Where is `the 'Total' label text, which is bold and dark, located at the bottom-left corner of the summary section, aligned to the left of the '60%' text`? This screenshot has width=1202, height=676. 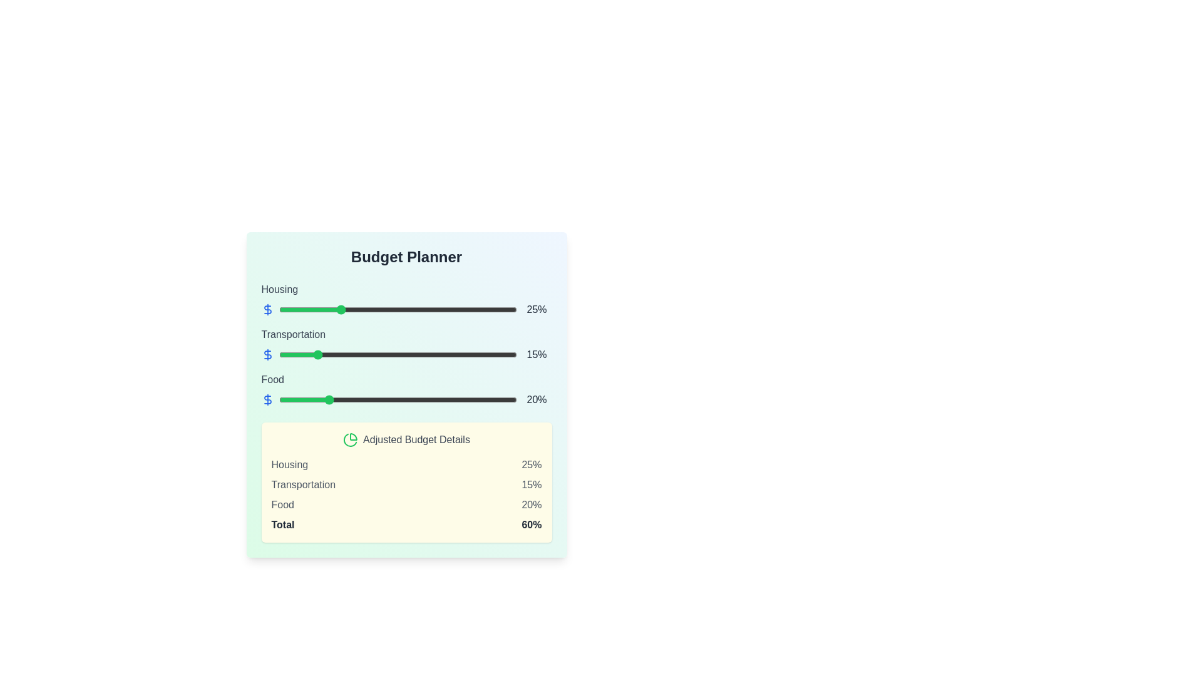
the 'Total' label text, which is bold and dark, located at the bottom-left corner of the summary section, aligned to the left of the '60%' text is located at coordinates (282, 525).